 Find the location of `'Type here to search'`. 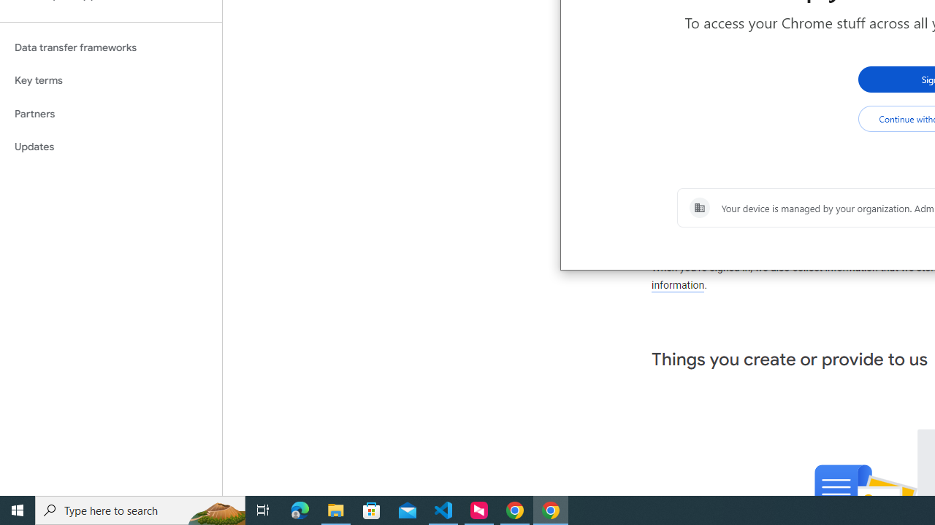

'Type here to search' is located at coordinates (140, 509).